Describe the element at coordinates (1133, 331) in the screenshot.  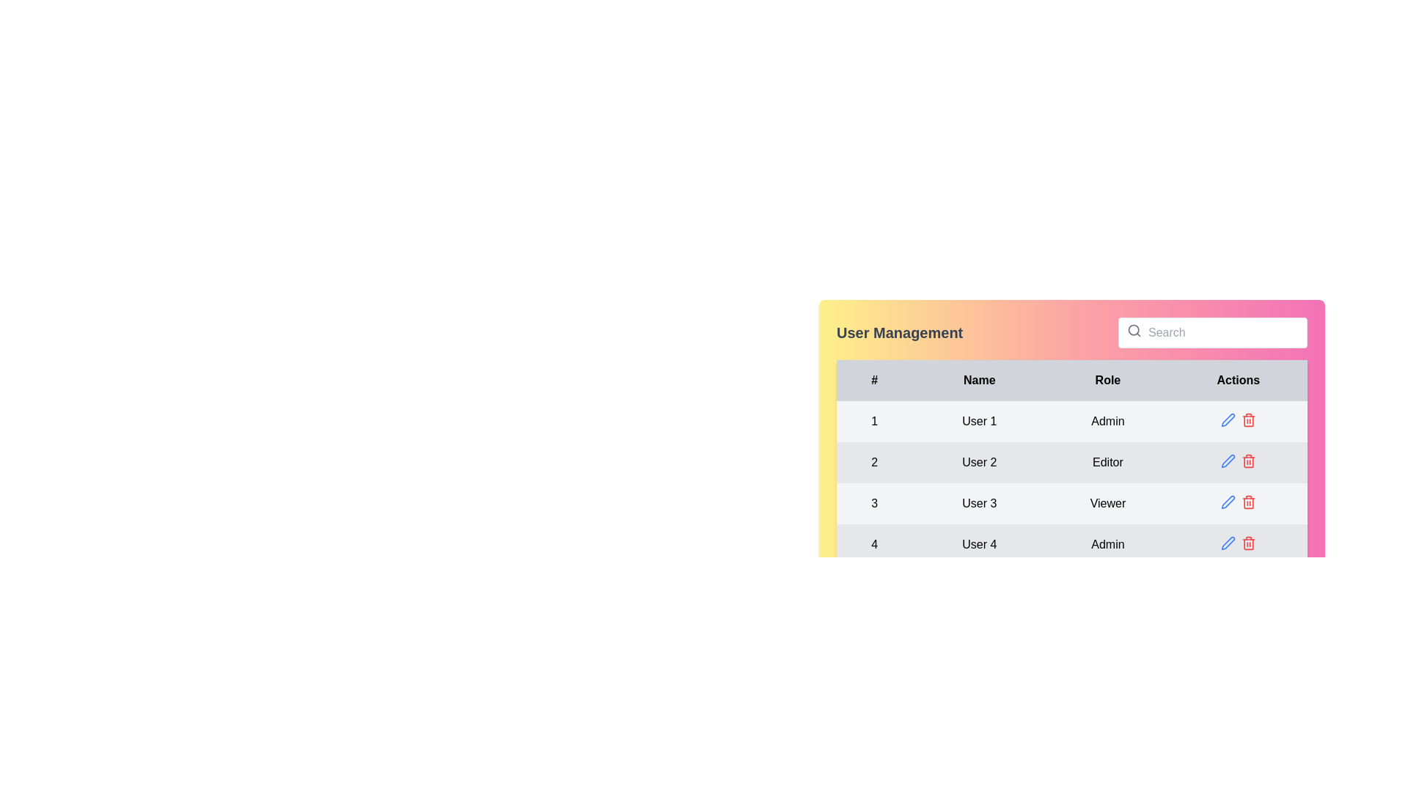
I see `the magnifying glass icon located in the left-hand section of the search bar at the top-right corner of the user management interface for an interactive response` at that location.